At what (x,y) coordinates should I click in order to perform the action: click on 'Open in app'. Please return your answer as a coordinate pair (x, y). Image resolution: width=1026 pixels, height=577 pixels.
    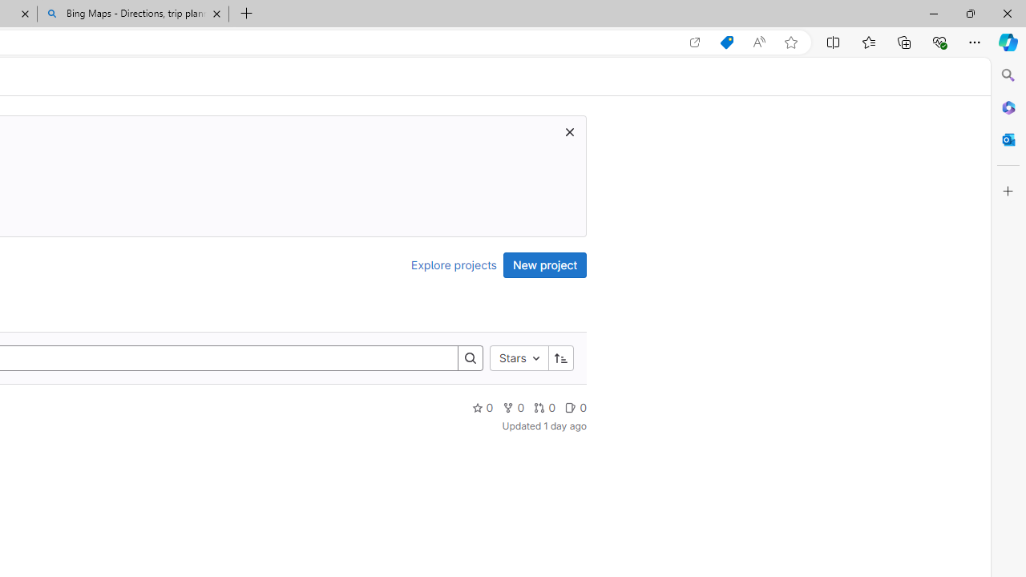
    Looking at the image, I should click on (695, 42).